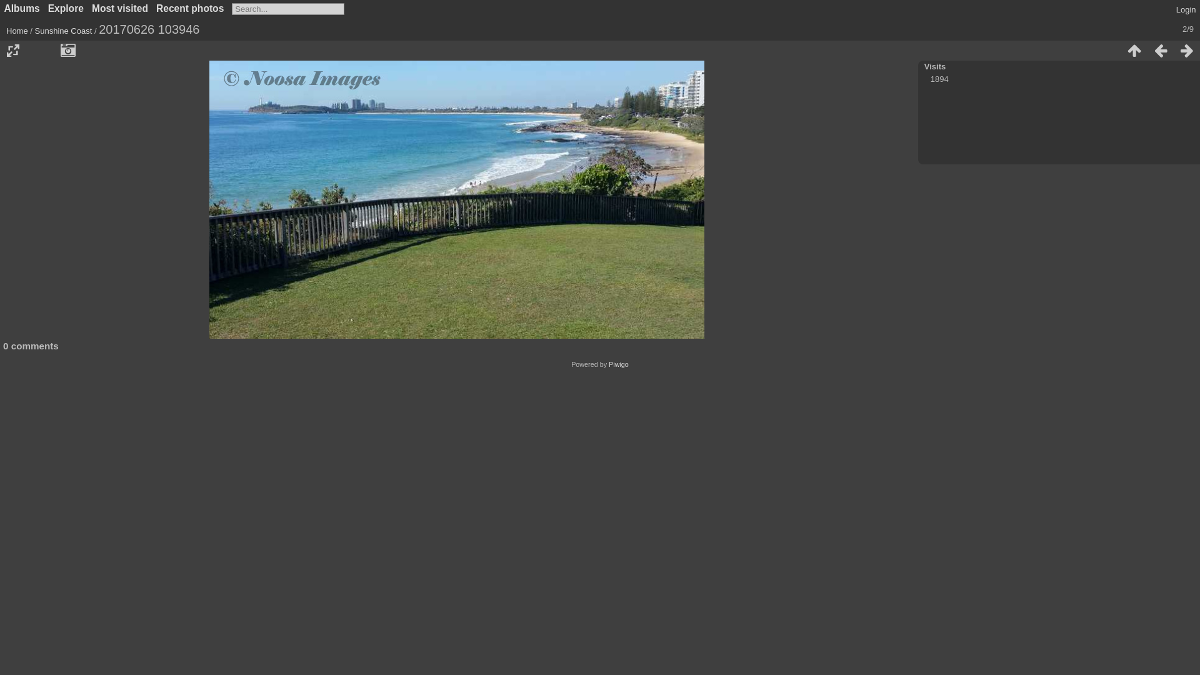 This screenshot has height=675, width=1200. I want to click on 'Most visited', so click(120, 8).